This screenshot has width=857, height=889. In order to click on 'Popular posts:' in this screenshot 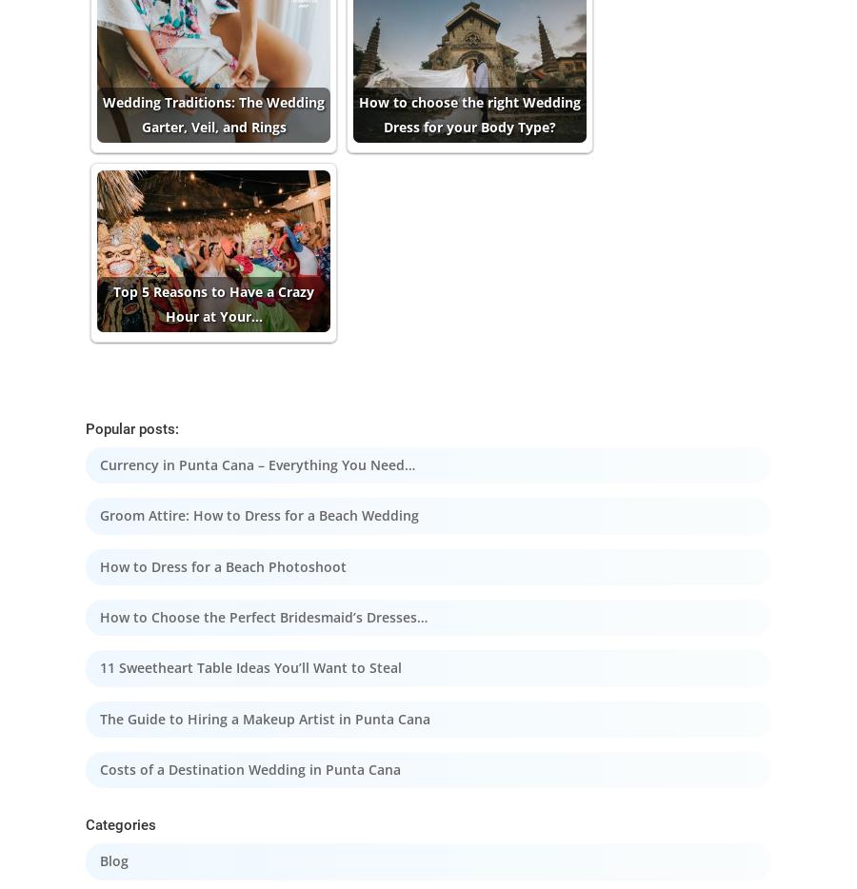, I will do `click(131, 429)`.